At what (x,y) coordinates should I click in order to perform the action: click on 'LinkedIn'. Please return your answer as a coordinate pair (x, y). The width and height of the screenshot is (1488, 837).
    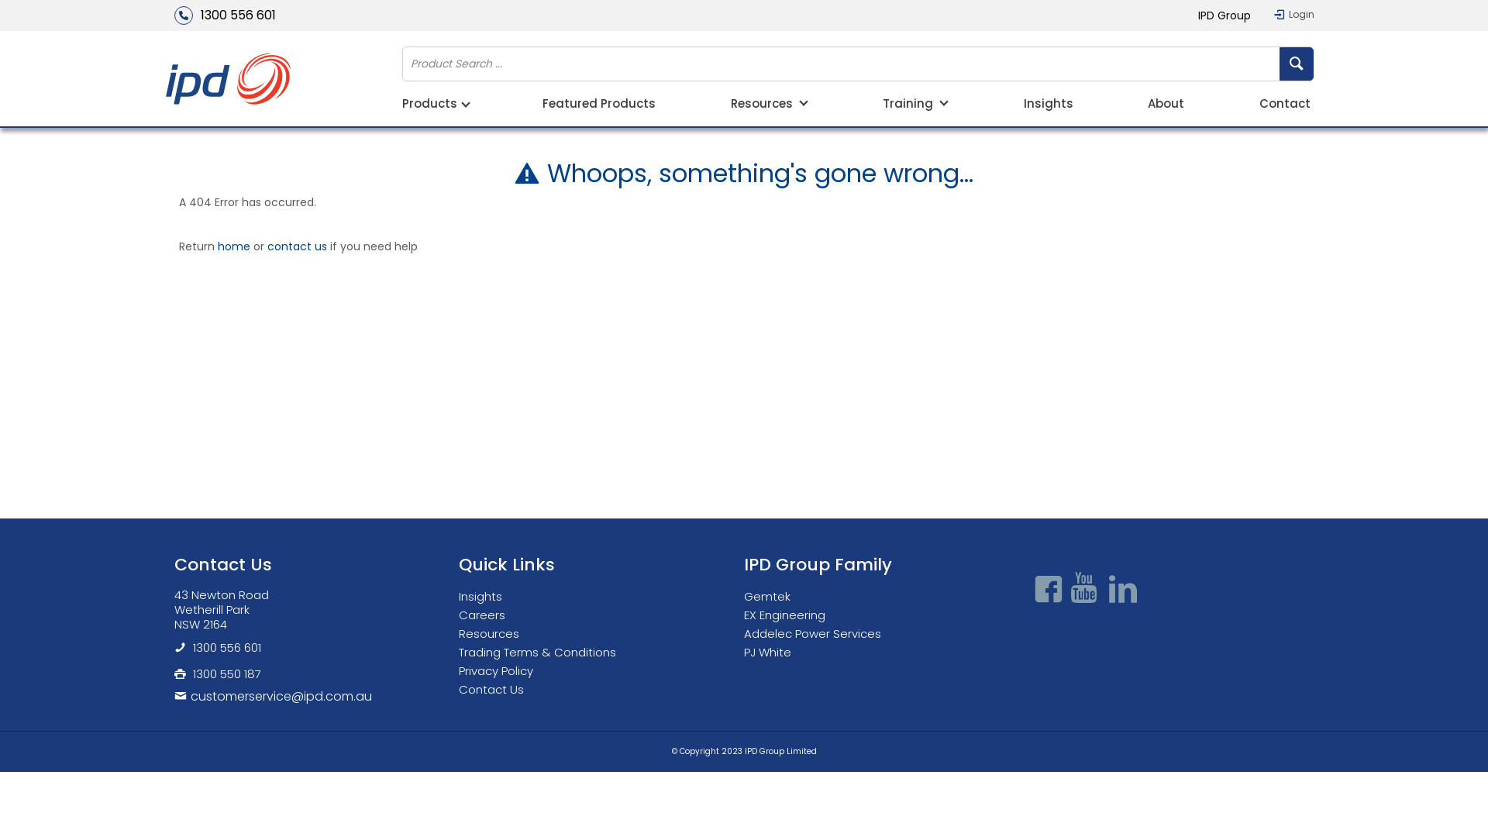
    Looking at the image, I should click on (1122, 589).